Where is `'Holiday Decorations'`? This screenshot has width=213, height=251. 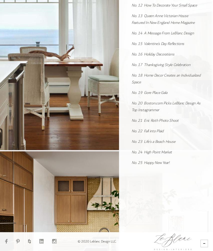
'Holiday Decorations' is located at coordinates (144, 54).